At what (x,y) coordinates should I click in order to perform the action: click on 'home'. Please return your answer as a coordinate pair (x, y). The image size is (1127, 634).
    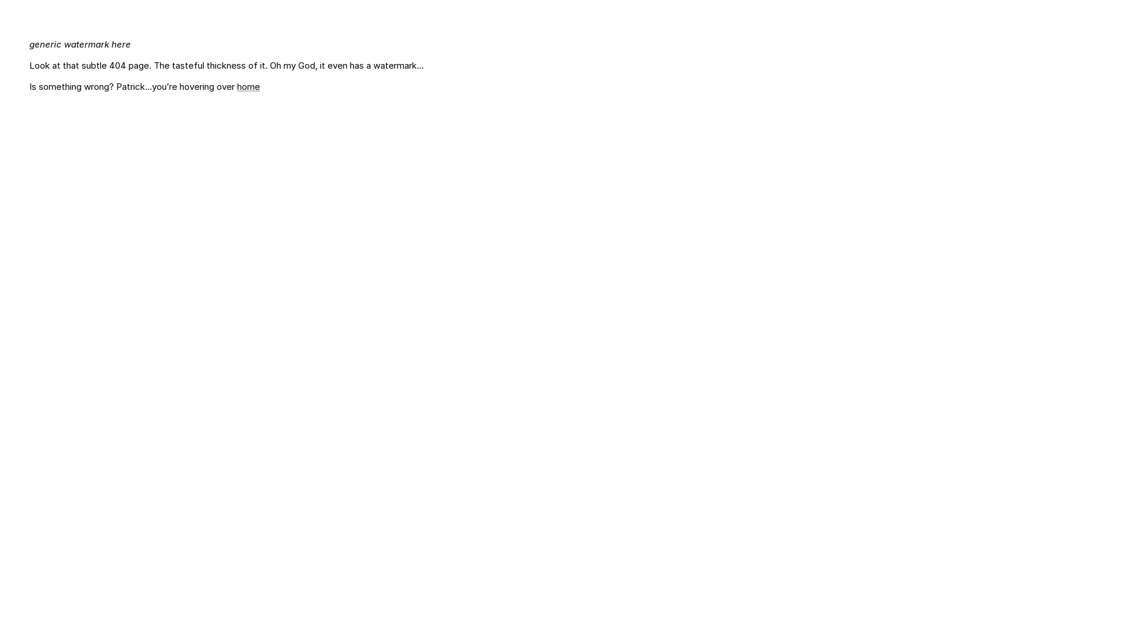
    Looking at the image, I should click on (248, 86).